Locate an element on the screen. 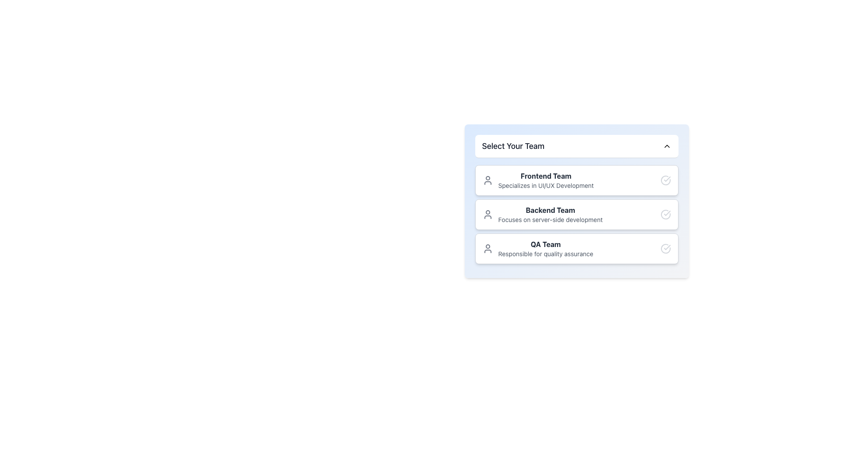  the textual block displaying 'Frontend Team' and 'Specializes in UI/UX Development', which is the first card in the team selection list is located at coordinates (537, 180).